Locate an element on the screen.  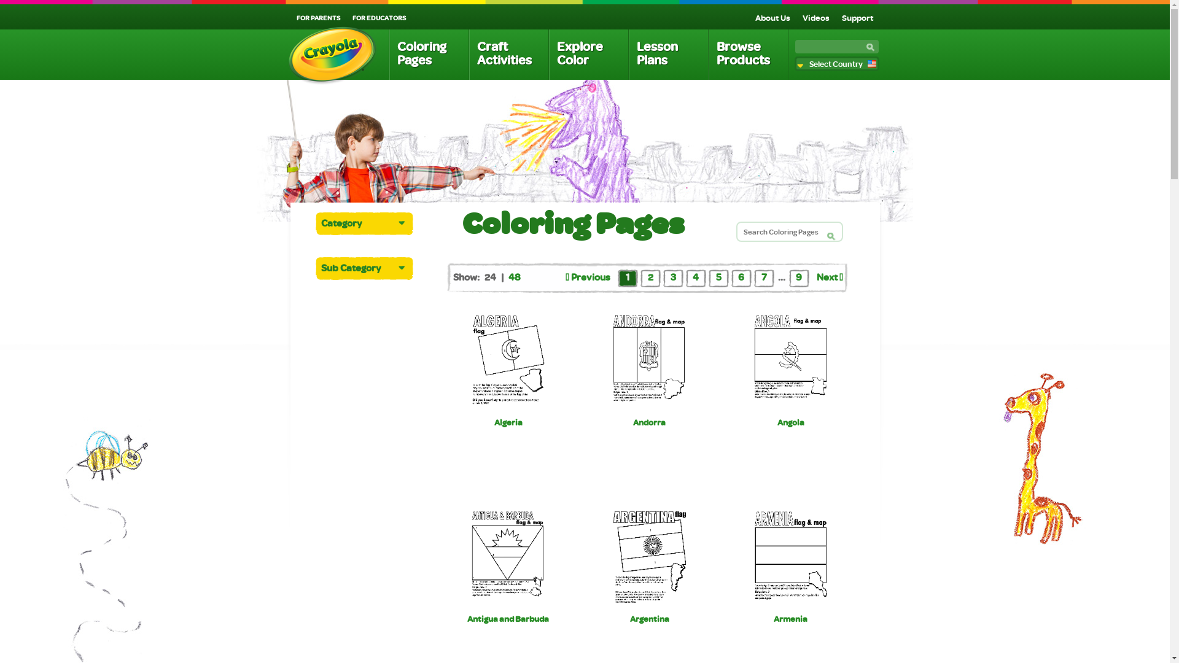
'Algeria' is located at coordinates (507, 421).